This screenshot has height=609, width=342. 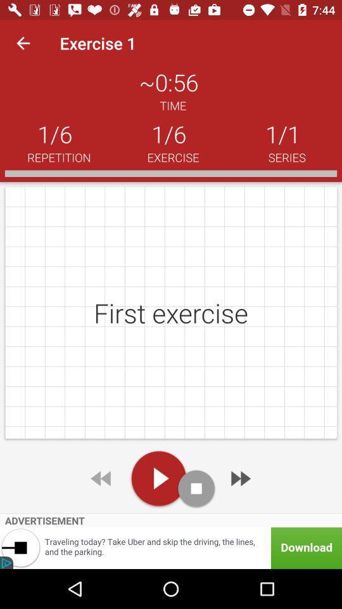 I want to click on stop audio file, so click(x=196, y=488).